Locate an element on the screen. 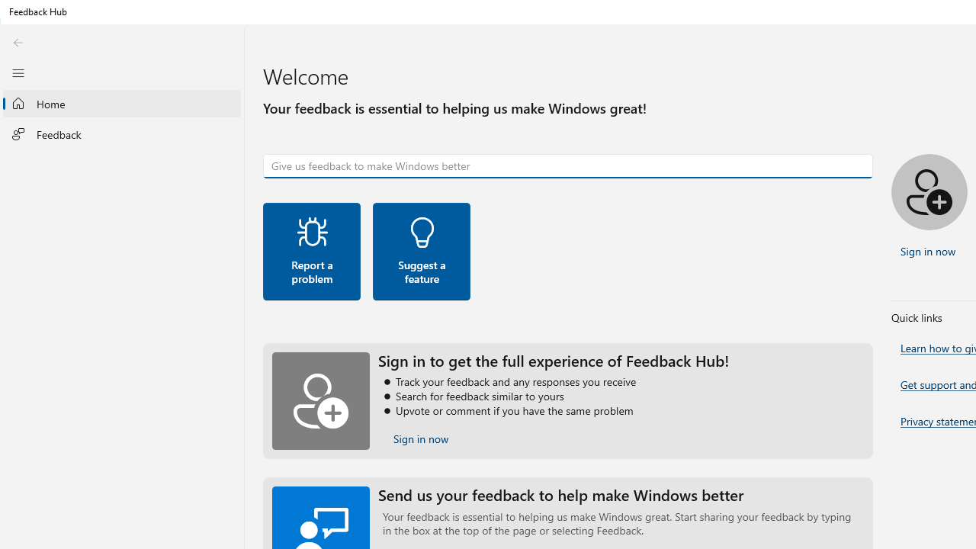 The width and height of the screenshot is (976, 549). 'Give us feedback to make Windows better' is located at coordinates (567, 166).